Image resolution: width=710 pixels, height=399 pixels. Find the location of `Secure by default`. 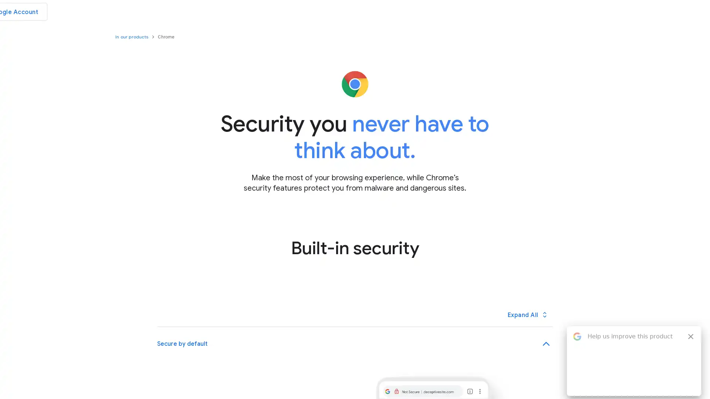

Secure by default is located at coordinates (354, 344).